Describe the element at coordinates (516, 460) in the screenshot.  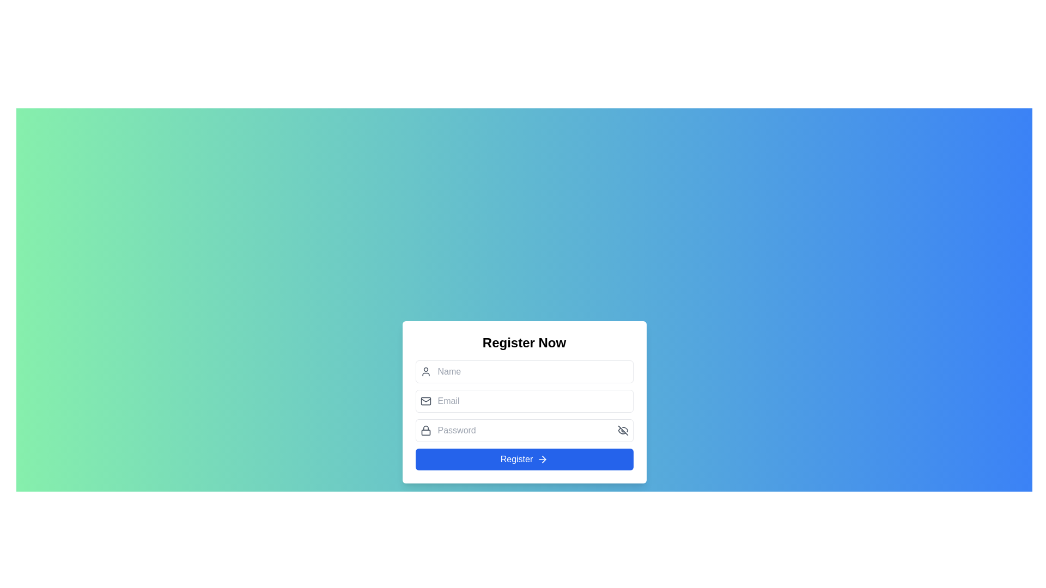
I see `the 'Register' label which is displayed in white color on a blue rectangular background, located near the center of the button and to the left of a right-facing arrow icon` at that location.